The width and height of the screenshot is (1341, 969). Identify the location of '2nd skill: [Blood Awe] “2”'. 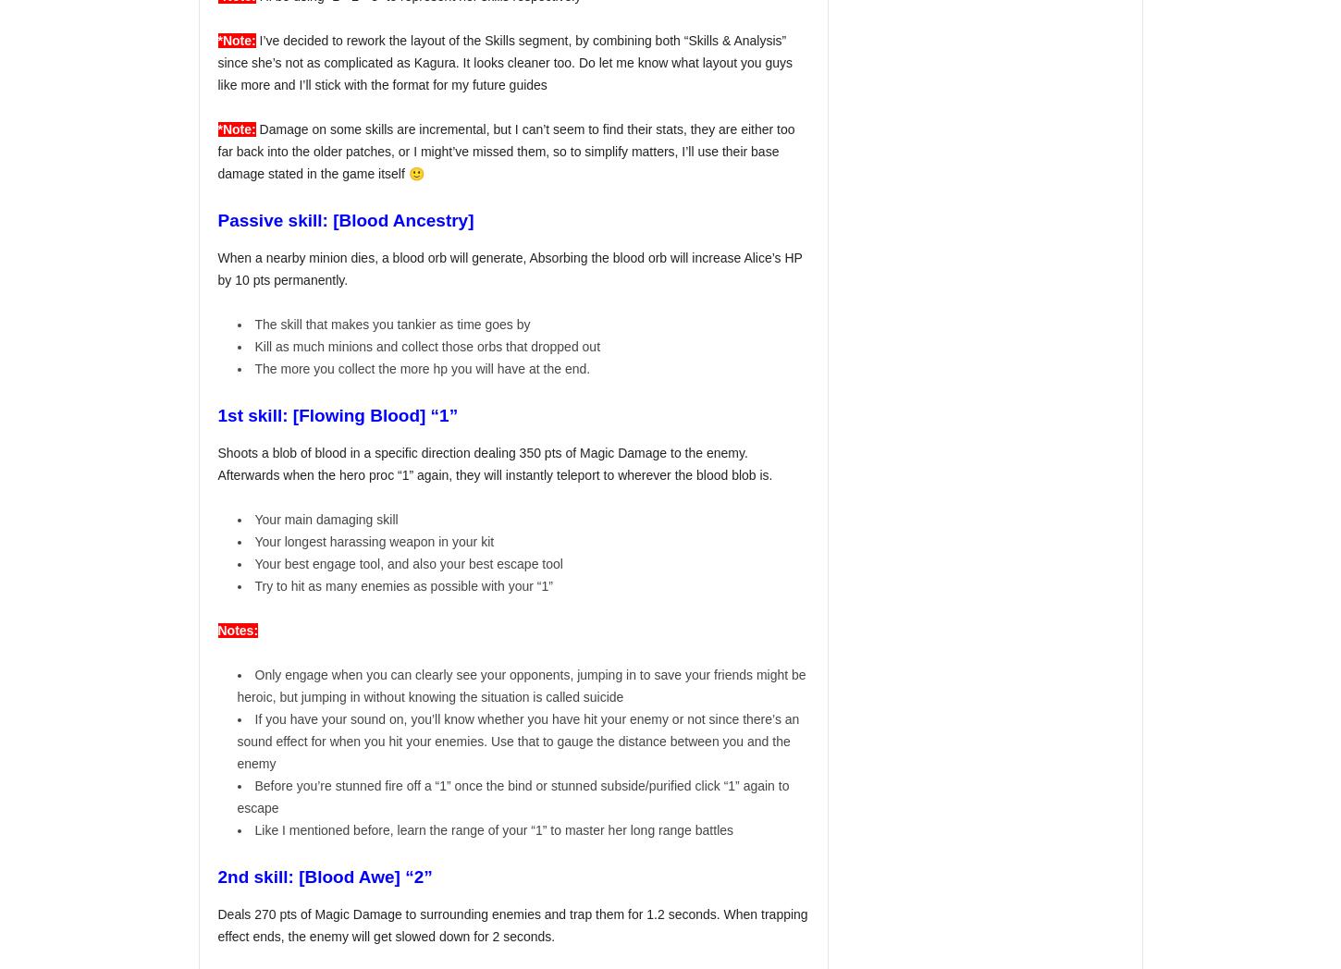
(325, 877).